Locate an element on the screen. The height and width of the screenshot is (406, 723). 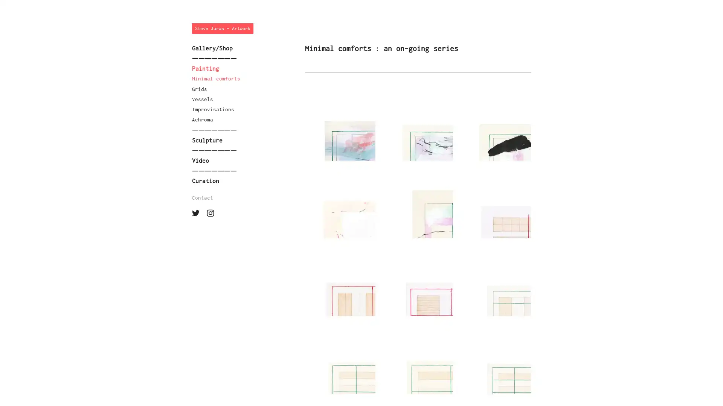
View fullsize Gut Feeling (02) is located at coordinates (339, 132).